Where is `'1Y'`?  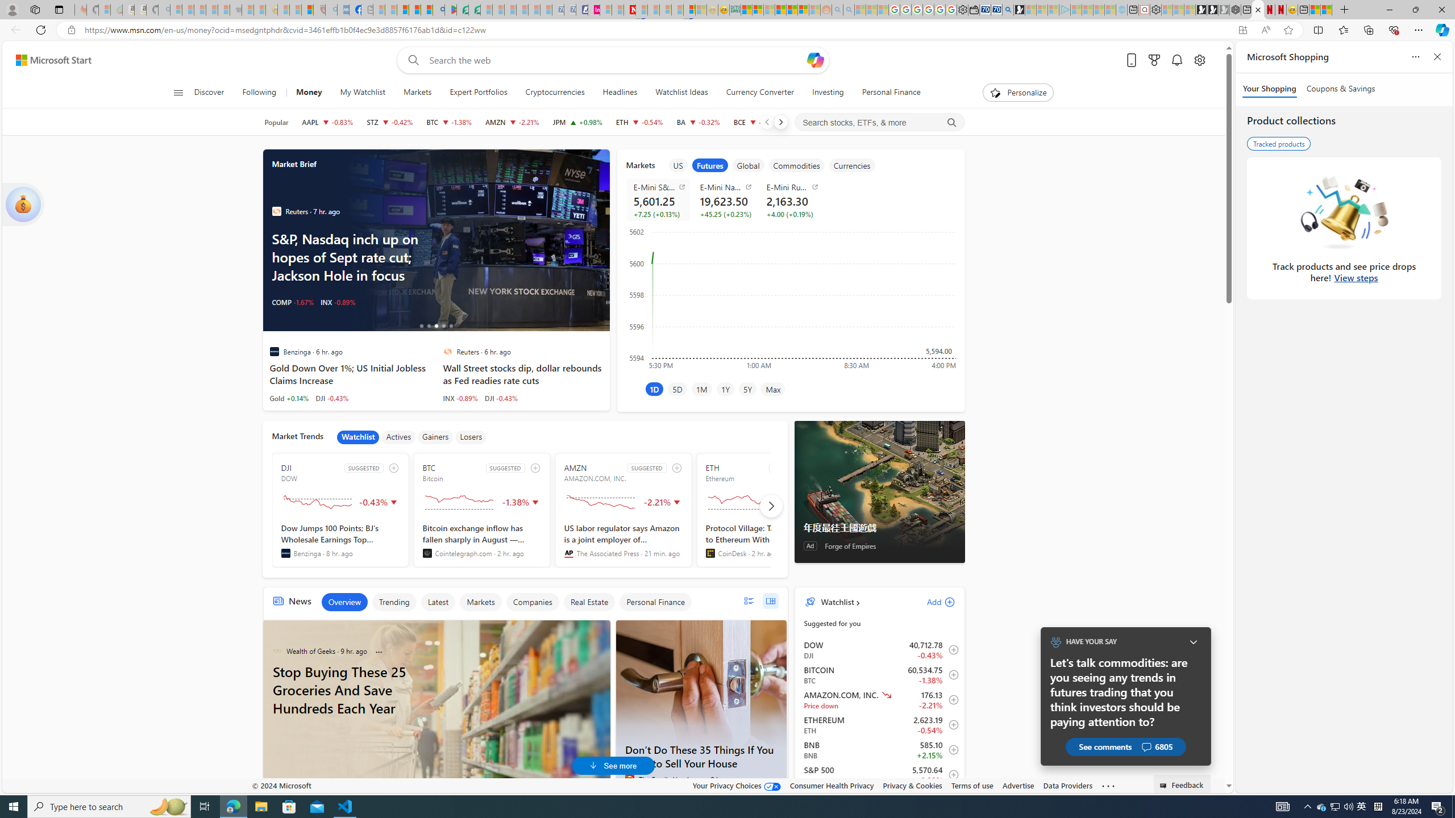 '1Y' is located at coordinates (725, 388).